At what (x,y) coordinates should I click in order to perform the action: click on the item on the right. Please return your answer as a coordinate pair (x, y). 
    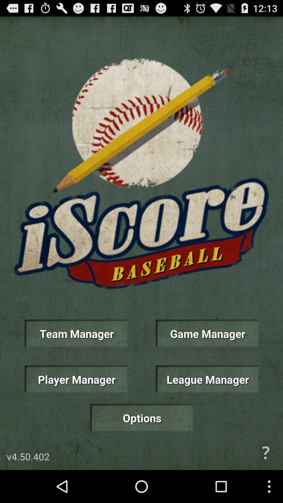
    Looking at the image, I should click on (207, 333).